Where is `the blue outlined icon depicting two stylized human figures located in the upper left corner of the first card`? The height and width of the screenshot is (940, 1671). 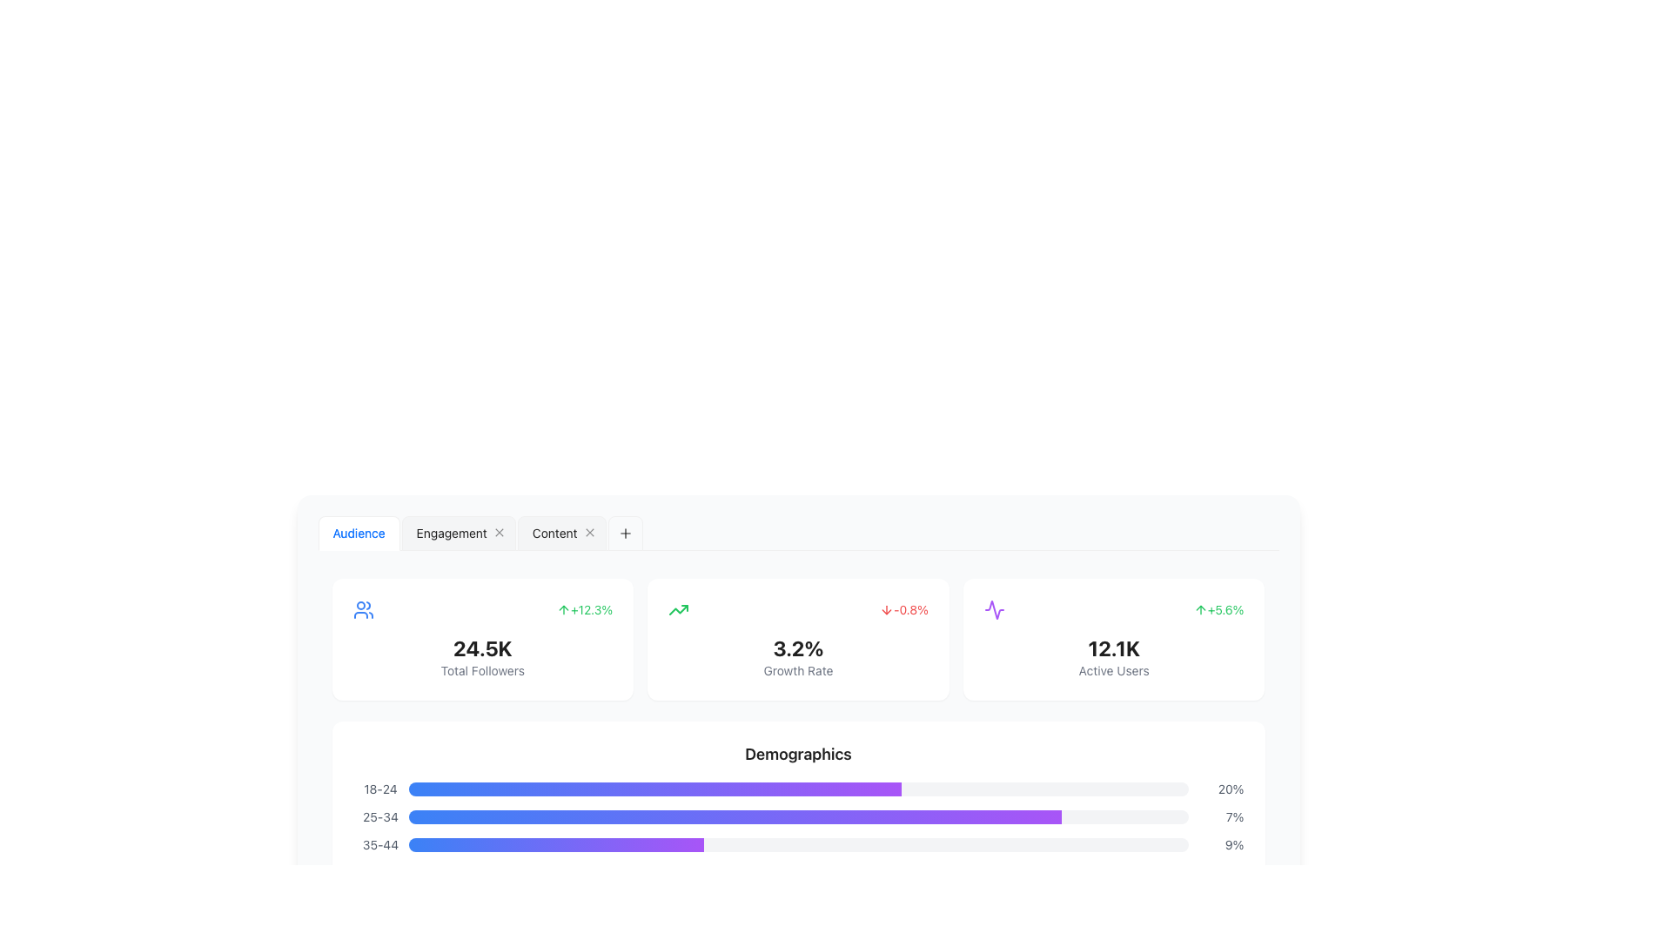 the blue outlined icon depicting two stylized human figures located in the upper left corner of the first card is located at coordinates (362, 609).